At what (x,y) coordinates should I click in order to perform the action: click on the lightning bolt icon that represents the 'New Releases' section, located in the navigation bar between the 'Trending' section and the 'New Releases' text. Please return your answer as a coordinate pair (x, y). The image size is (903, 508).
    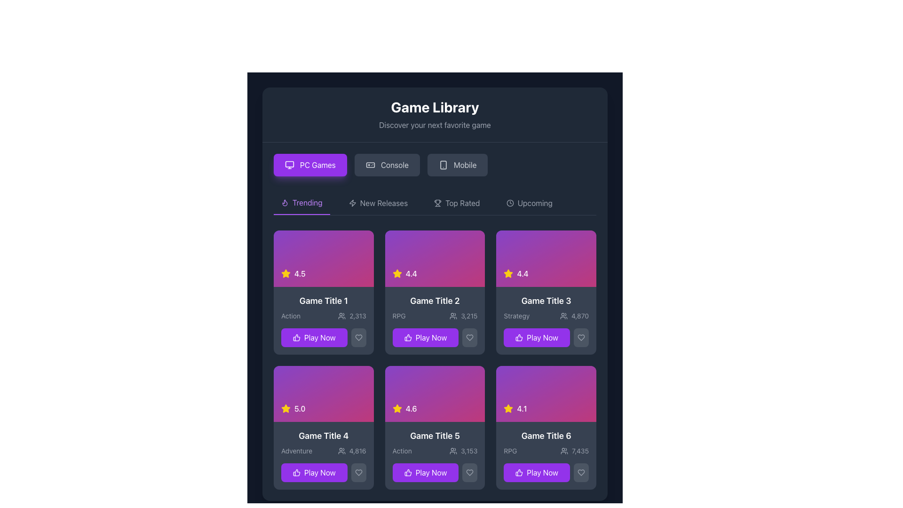
    Looking at the image, I should click on (352, 203).